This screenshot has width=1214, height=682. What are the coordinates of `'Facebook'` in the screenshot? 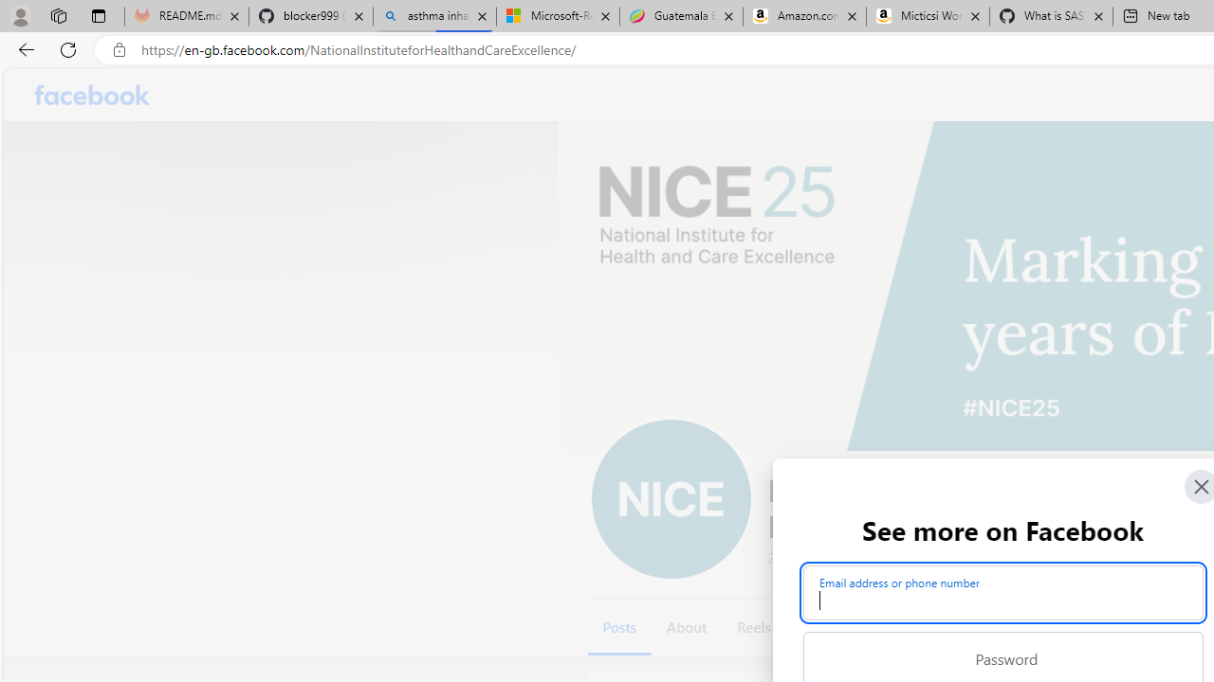 It's located at (91, 95).